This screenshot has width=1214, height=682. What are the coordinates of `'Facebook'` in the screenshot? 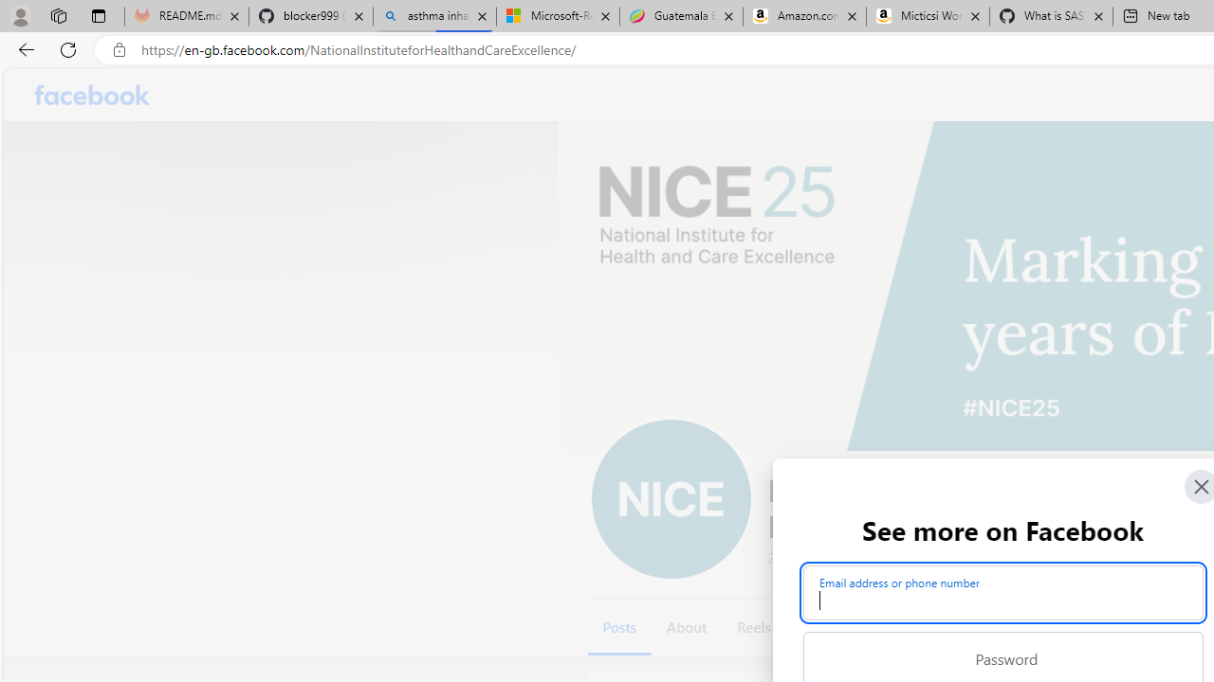 It's located at (91, 95).